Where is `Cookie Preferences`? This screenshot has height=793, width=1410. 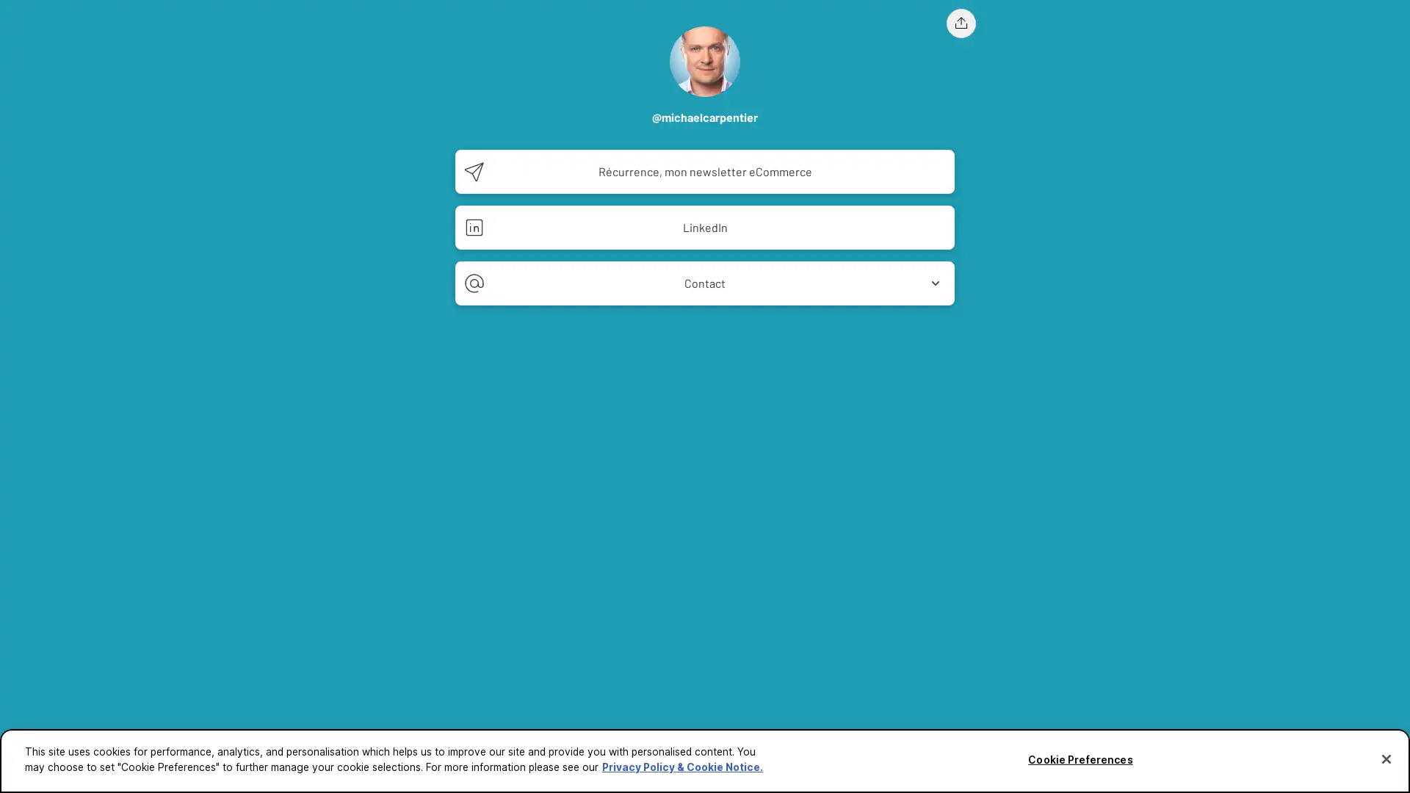
Cookie Preferences is located at coordinates (1080, 759).